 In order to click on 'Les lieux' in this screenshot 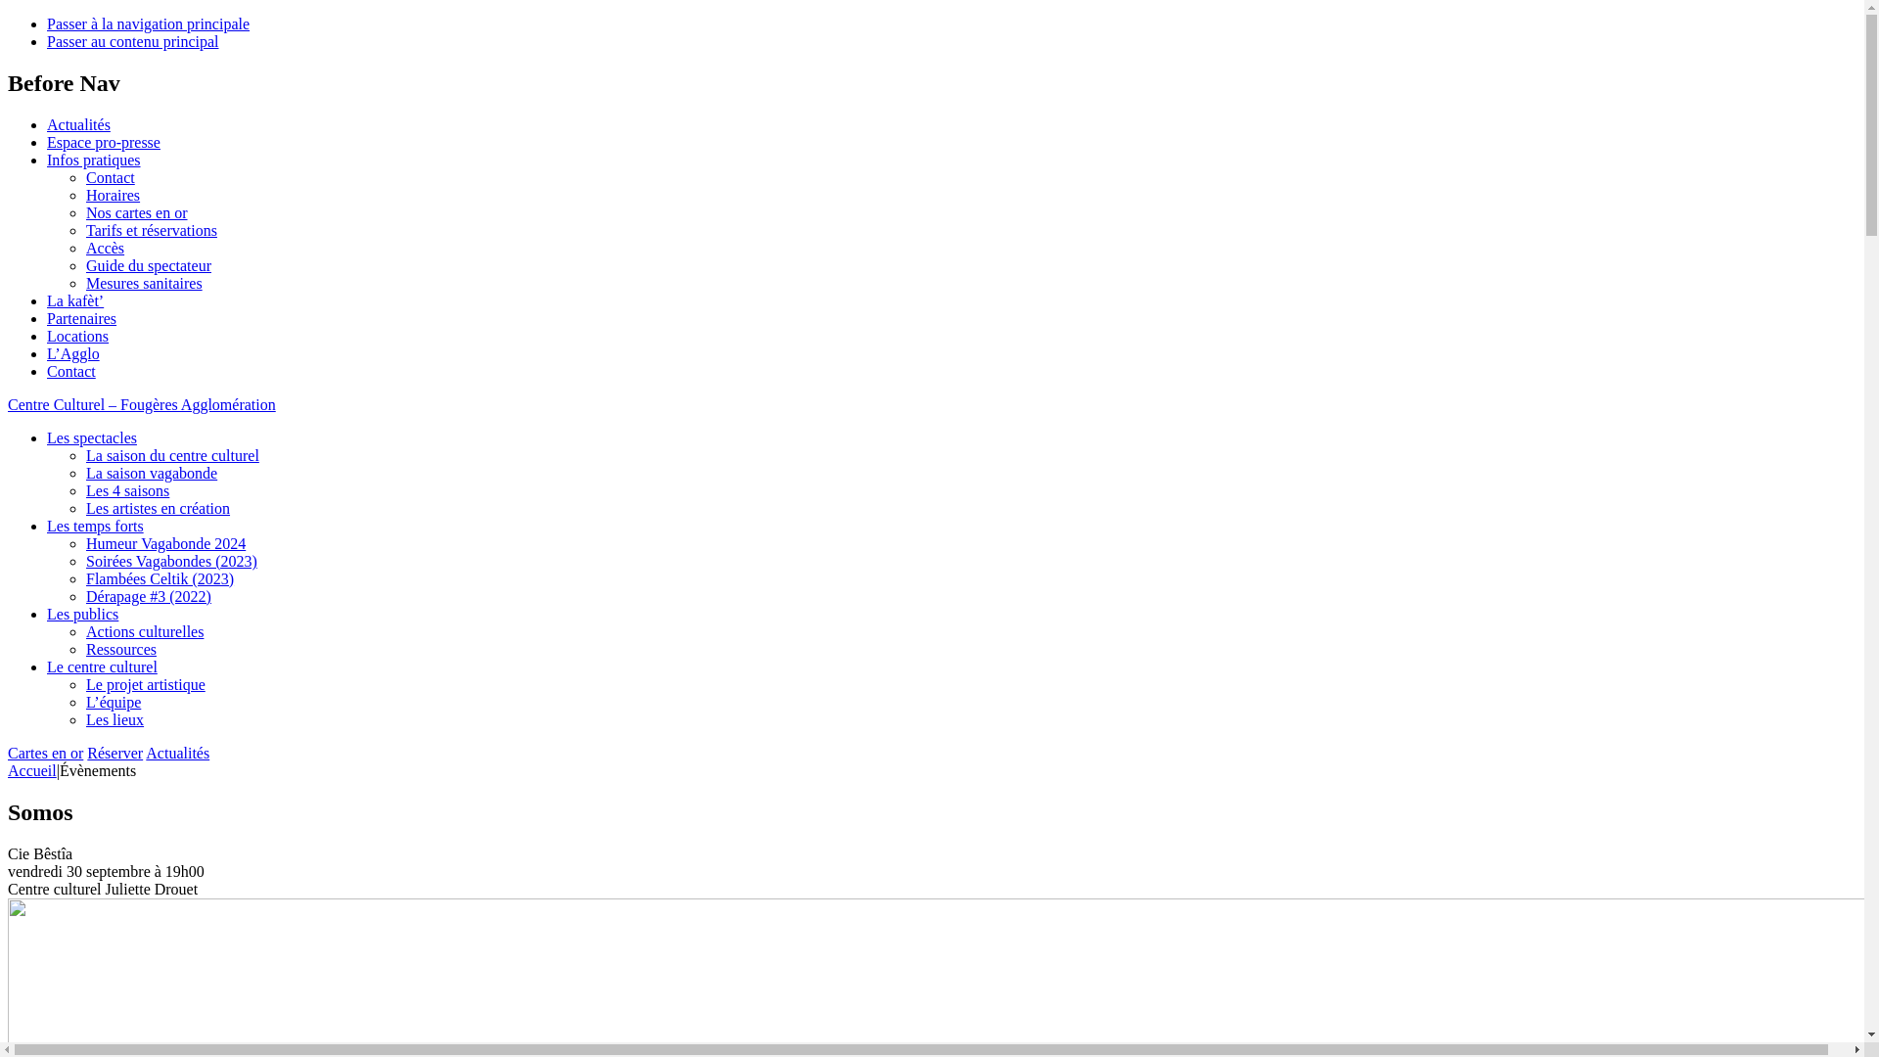, I will do `click(84, 719)`.